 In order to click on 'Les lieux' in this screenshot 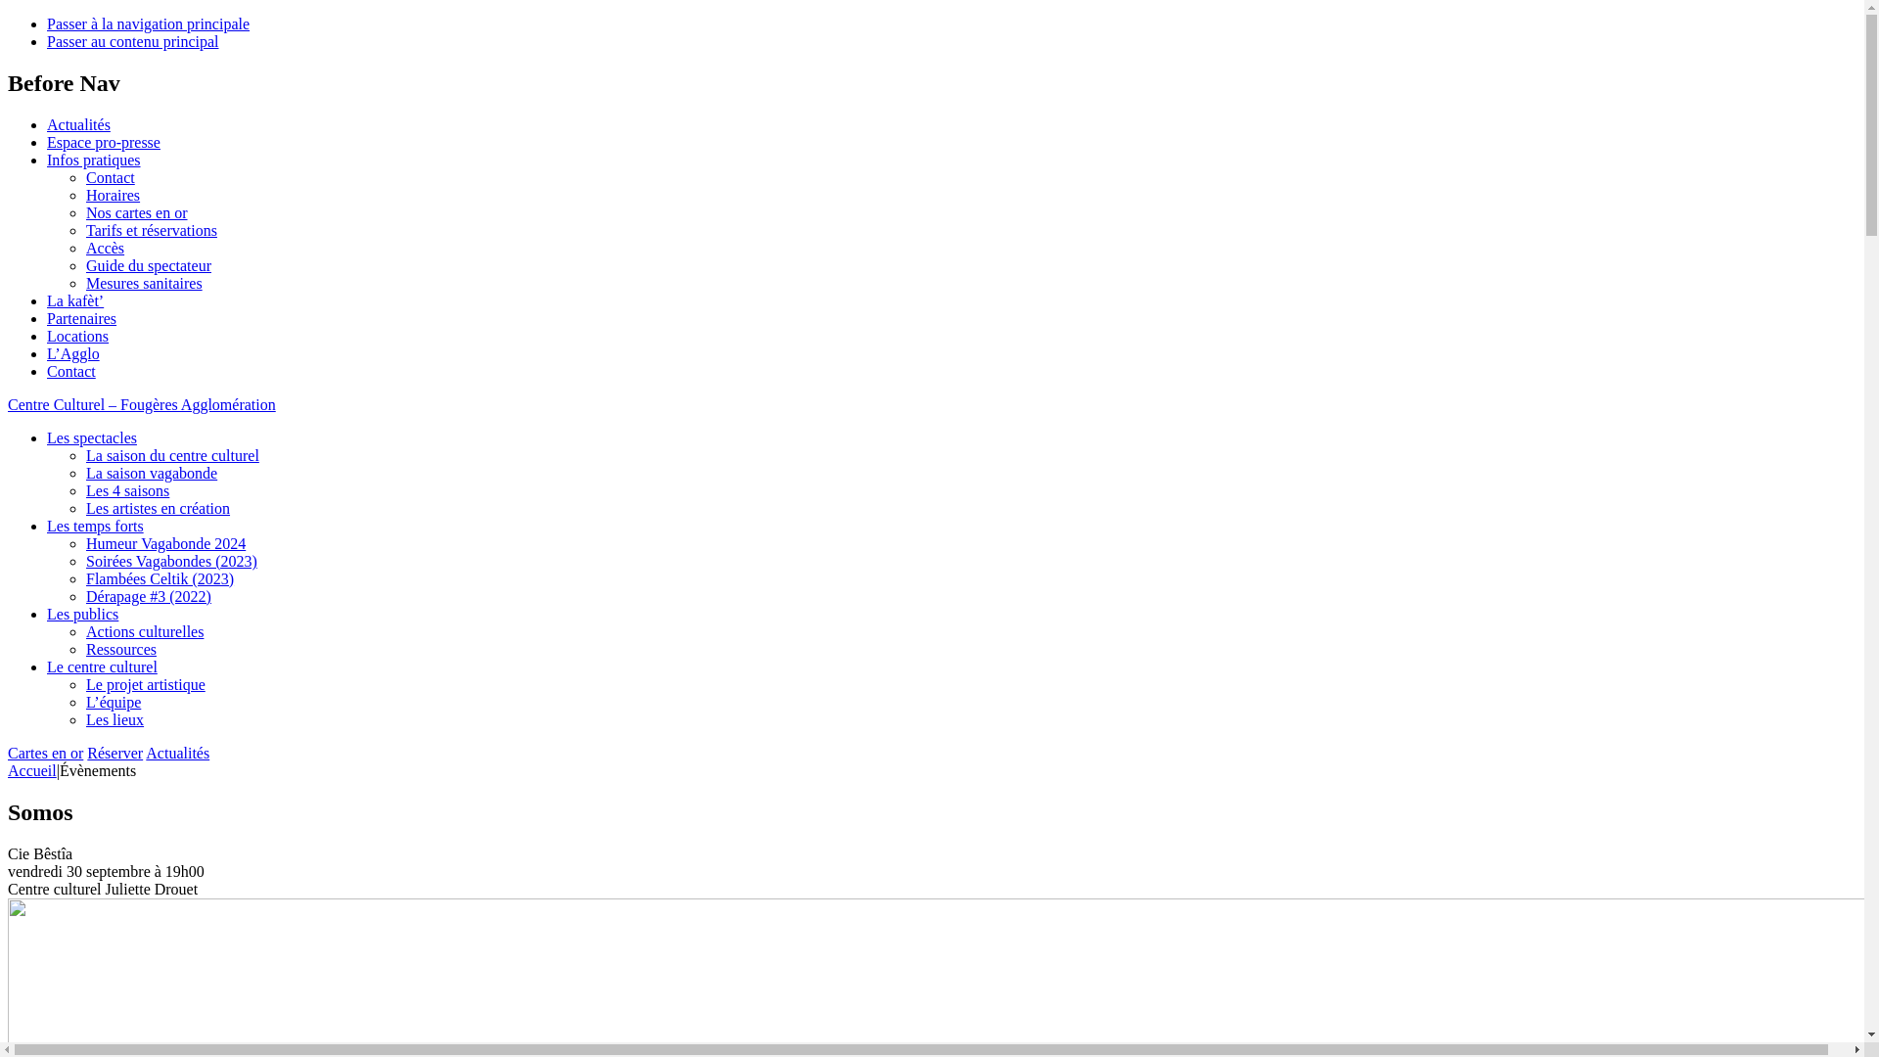, I will do `click(84, 719)`.